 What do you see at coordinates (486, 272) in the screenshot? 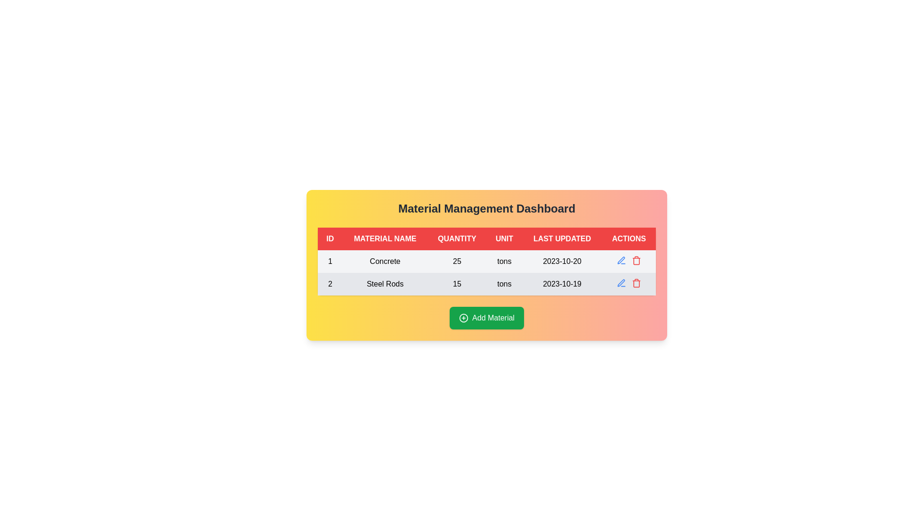
I see `the first table row in the material management dashboard that displays details about the material, including its name, quantity, unit, and last updated date` at bounding box center [486, 272].